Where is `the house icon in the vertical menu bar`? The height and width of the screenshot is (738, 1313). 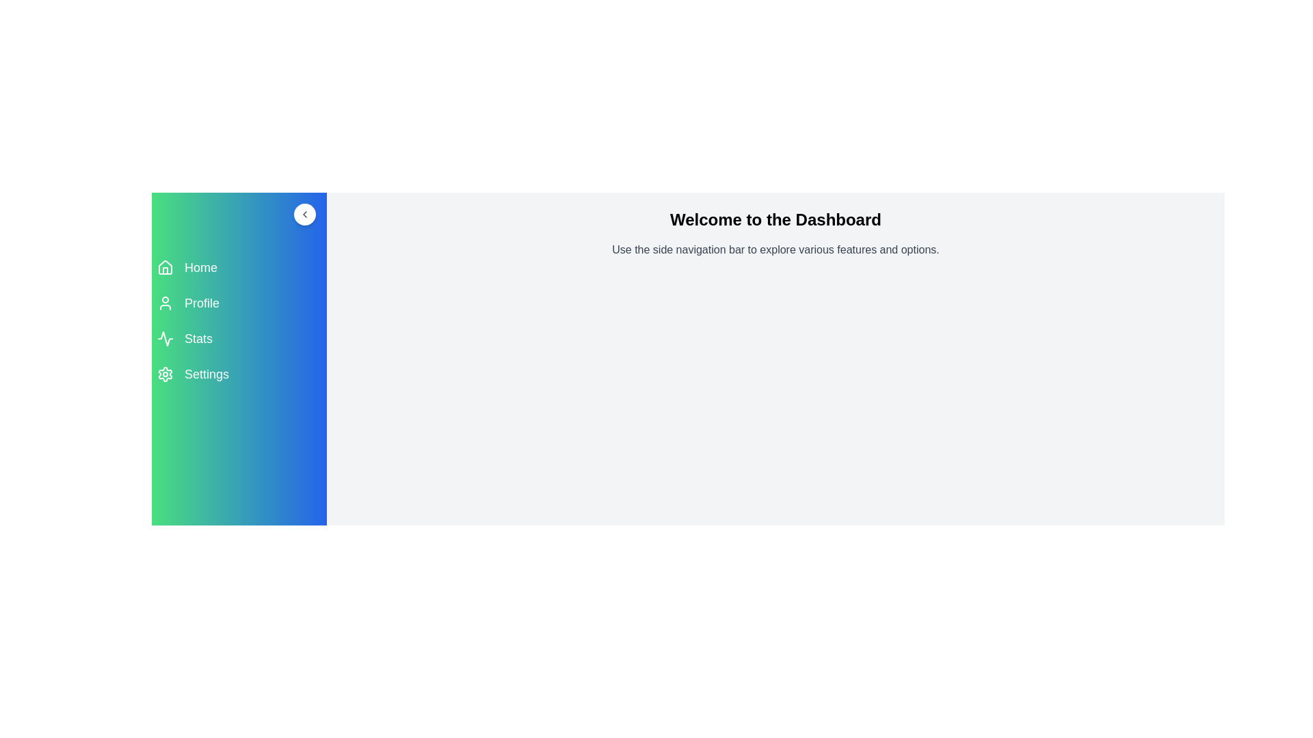
the house icon in the vertical menu bar is located at coordinates (164, 268).